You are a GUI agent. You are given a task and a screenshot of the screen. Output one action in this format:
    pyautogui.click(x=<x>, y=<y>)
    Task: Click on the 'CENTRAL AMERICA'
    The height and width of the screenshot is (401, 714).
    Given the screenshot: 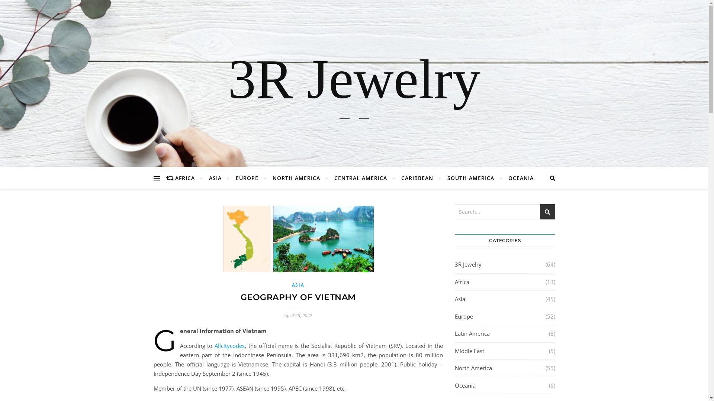 What is the action you would take?
    pyautogui.click(x=360, y=178)
    